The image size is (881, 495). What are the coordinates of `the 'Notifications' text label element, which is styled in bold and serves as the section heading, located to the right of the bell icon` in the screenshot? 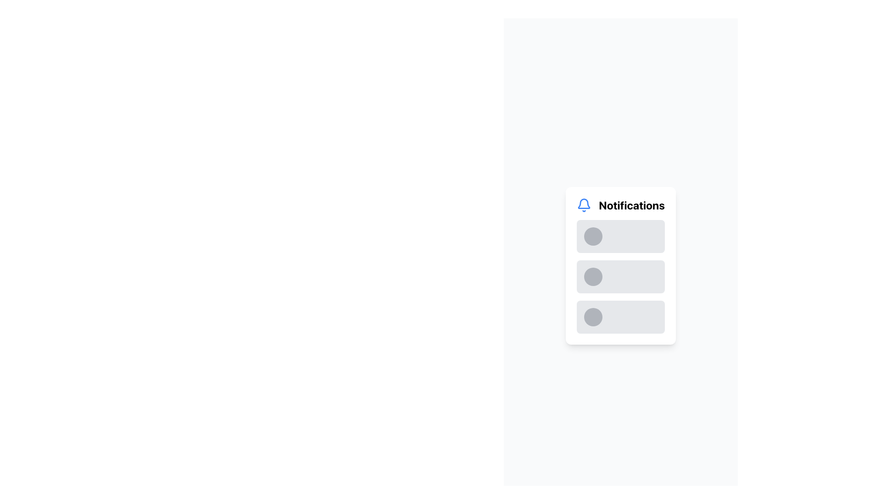 It's located at (631, 204).